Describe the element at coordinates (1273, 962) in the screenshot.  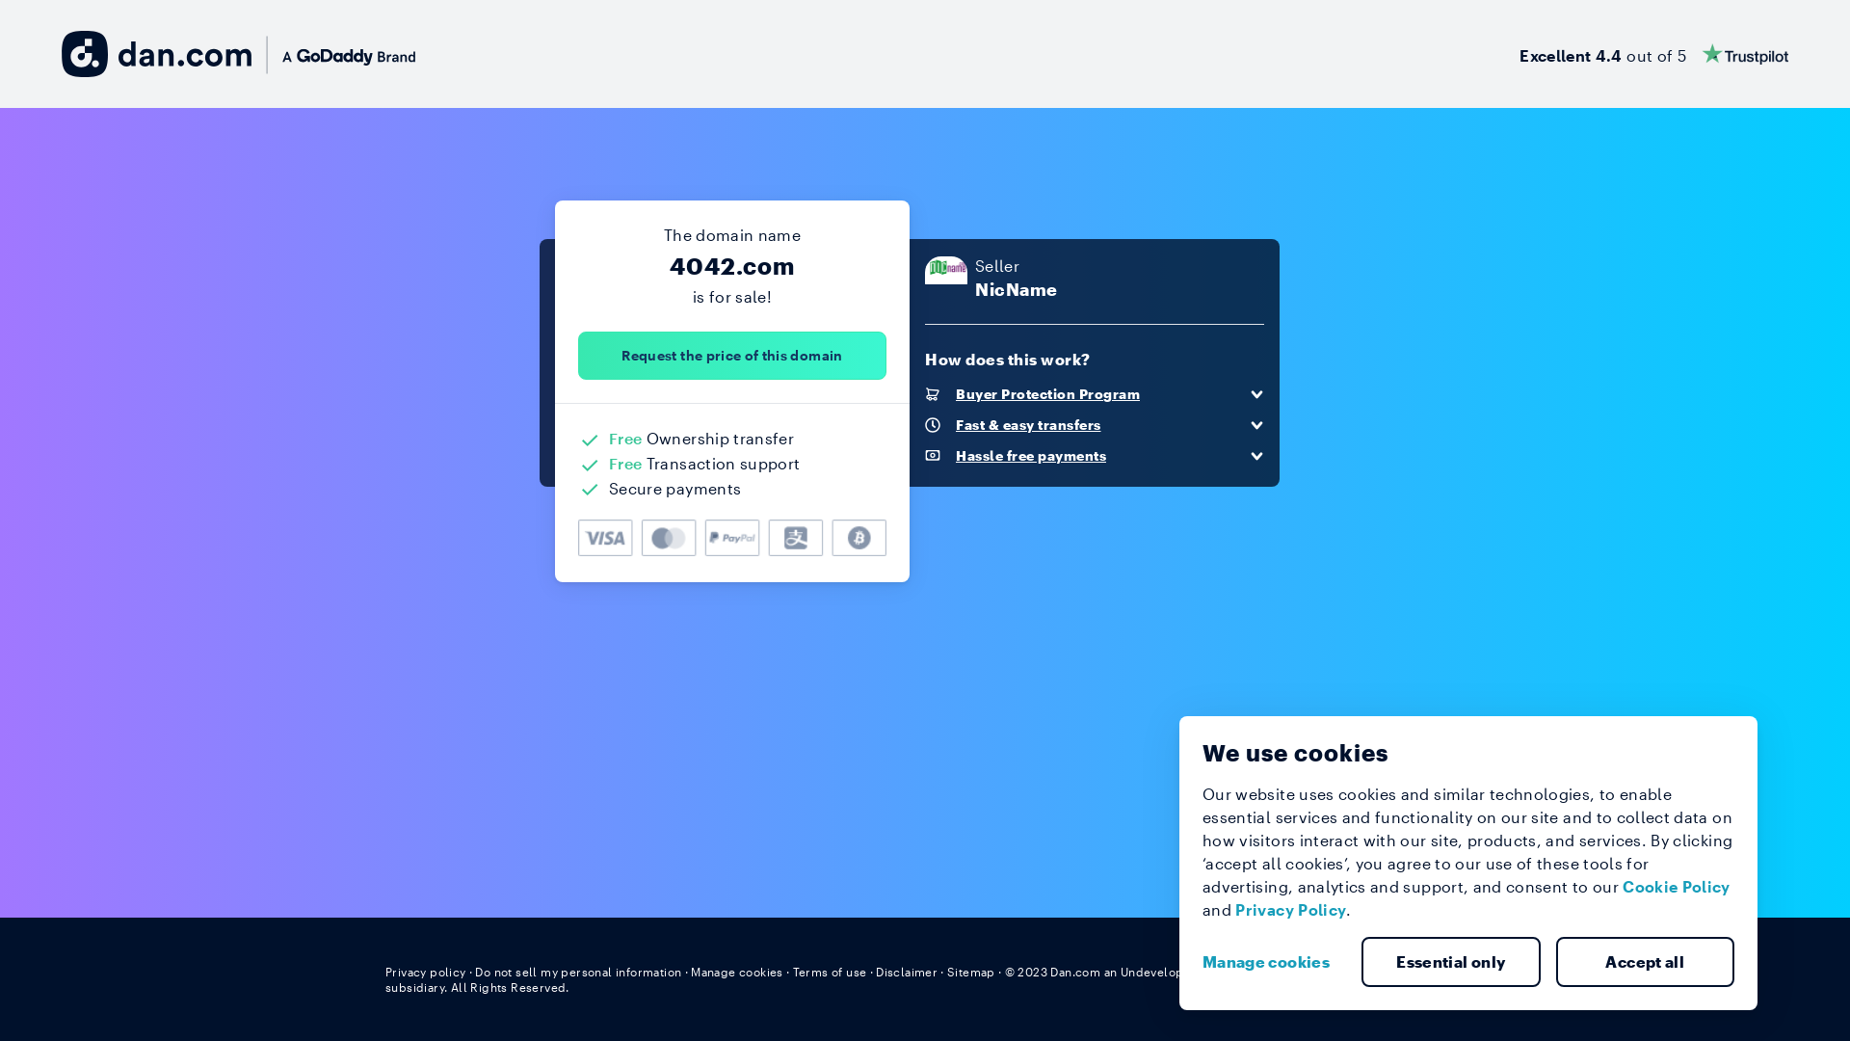
I see `'Manage cookies'` at that location.